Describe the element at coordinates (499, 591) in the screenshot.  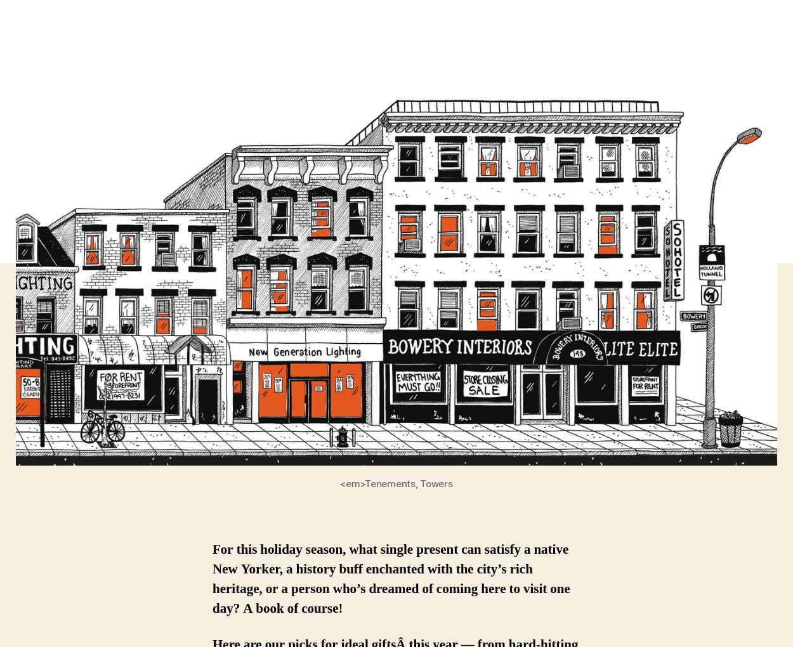
I see `'Read the book'` at that location.